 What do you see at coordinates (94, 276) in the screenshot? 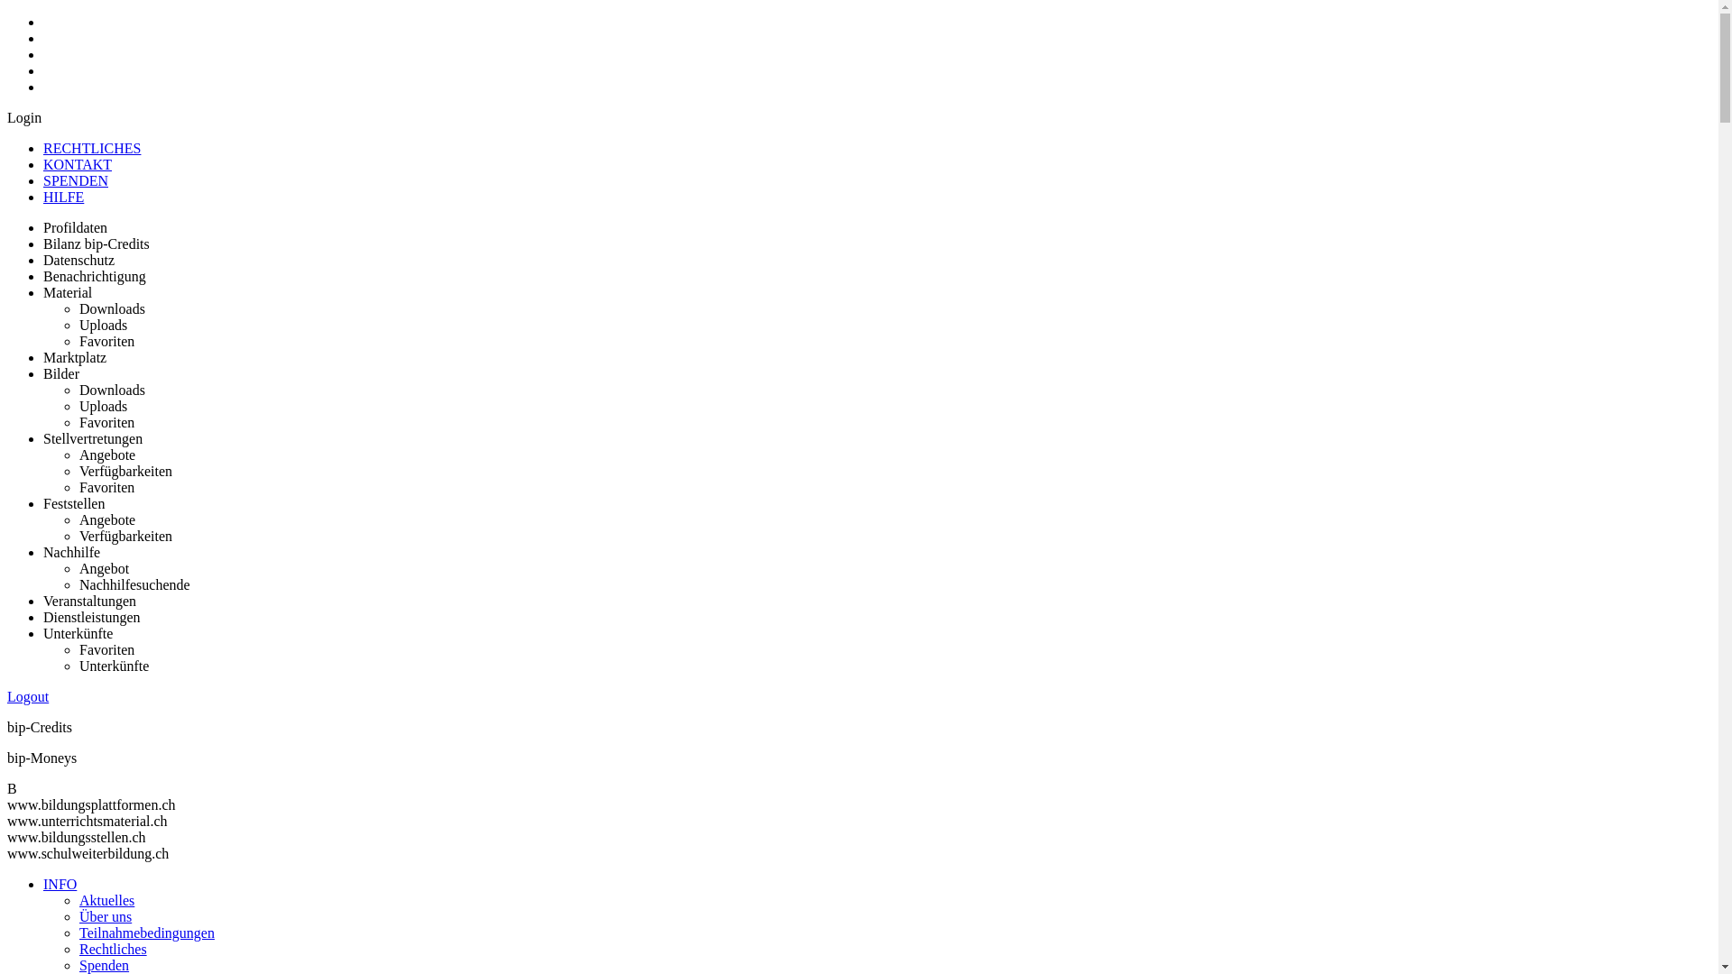
I see `'Benachrichtigung'` at bounding box center [94, 276].